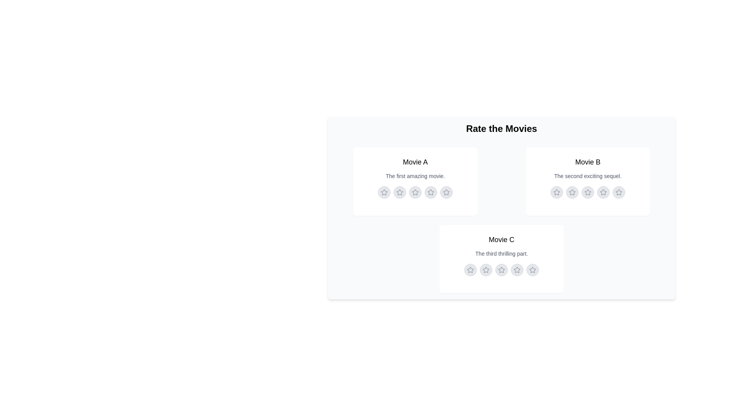 The width and height of the screenshot is (746, 419). I want to click on the fourth star icon in the rating system beneath the card titled 'Movie A', so click(430, 192).